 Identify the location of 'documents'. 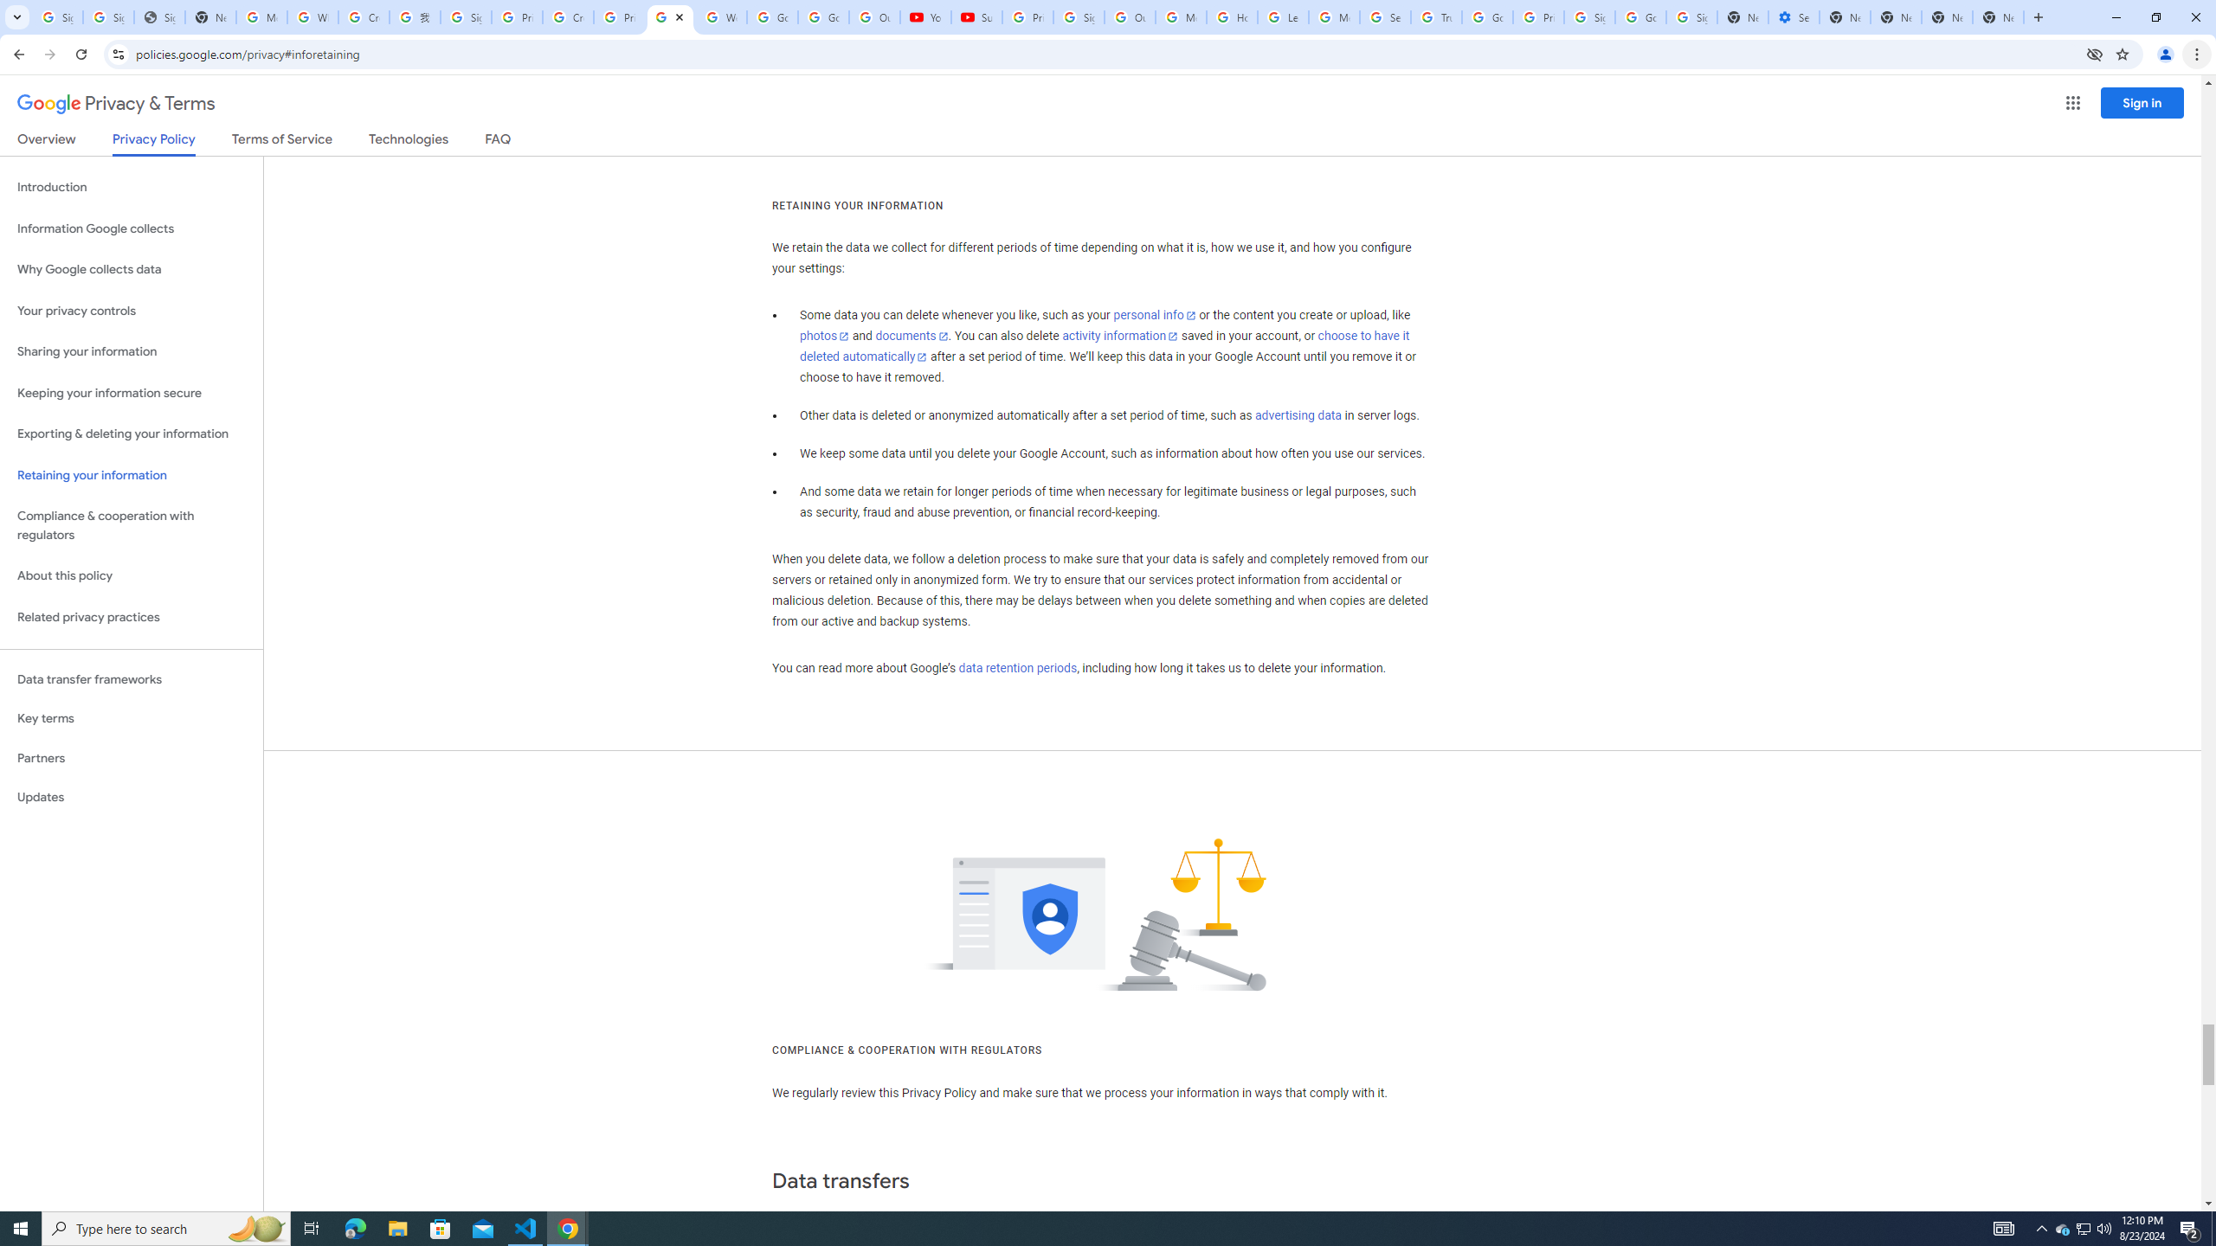
(911, 335).